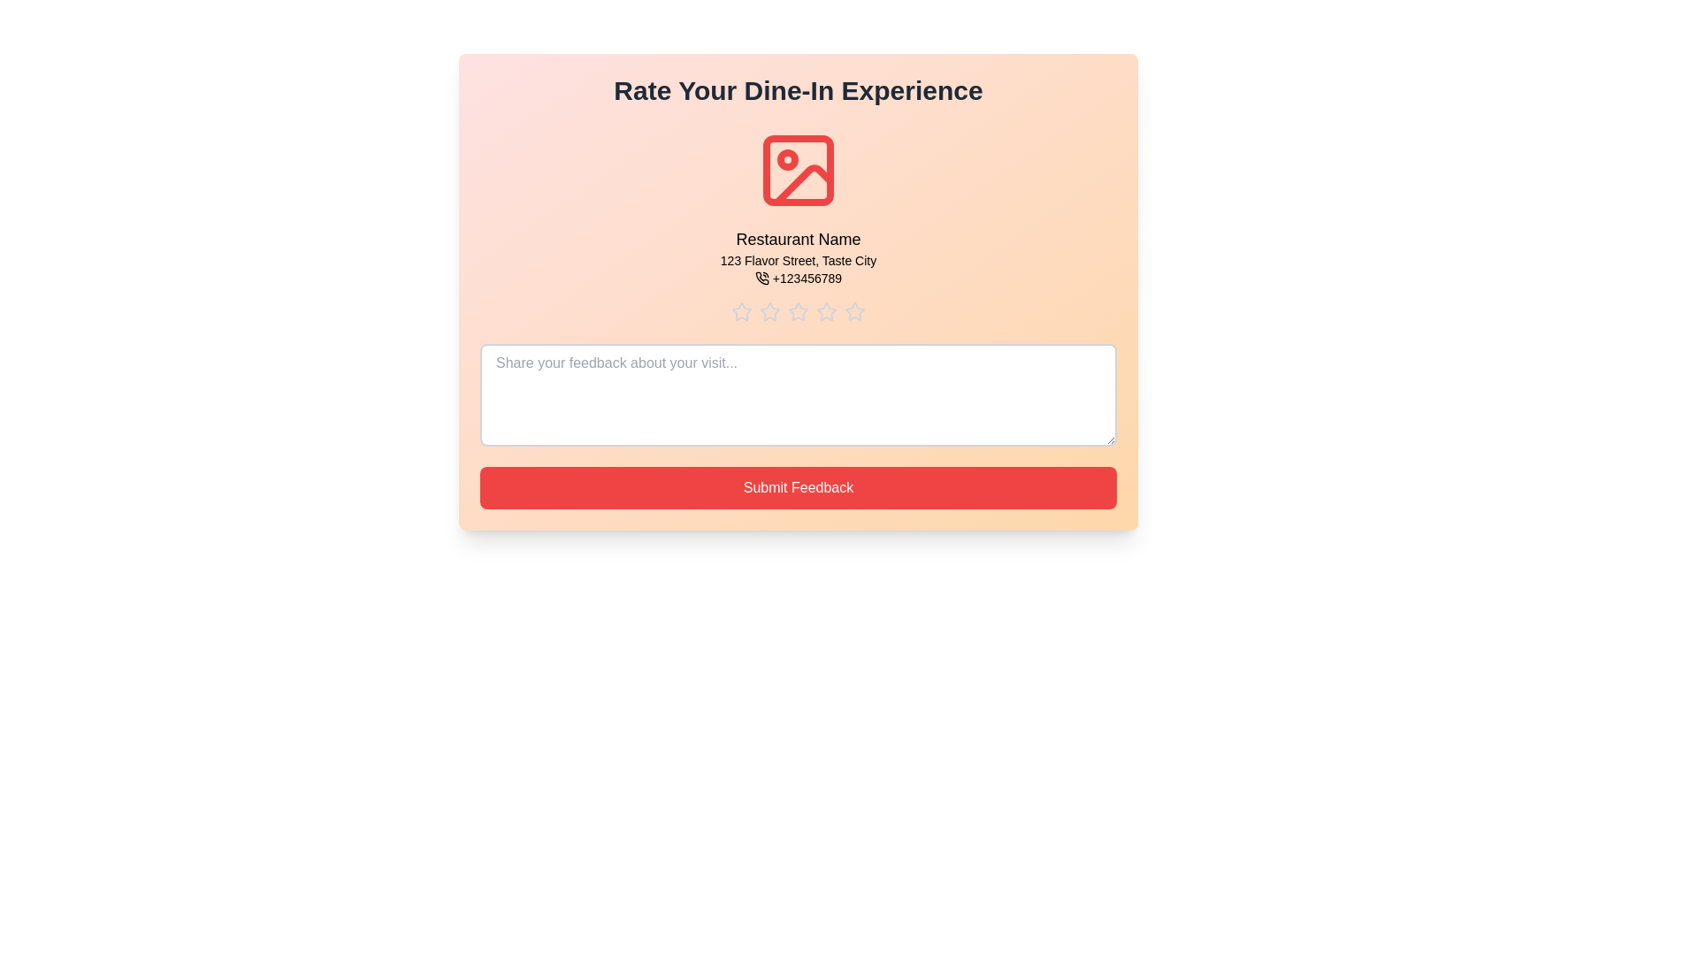 The width and height of the screenshot is (1698, 955). I want to click on the phone number to initiate a call, so click(797, 279).